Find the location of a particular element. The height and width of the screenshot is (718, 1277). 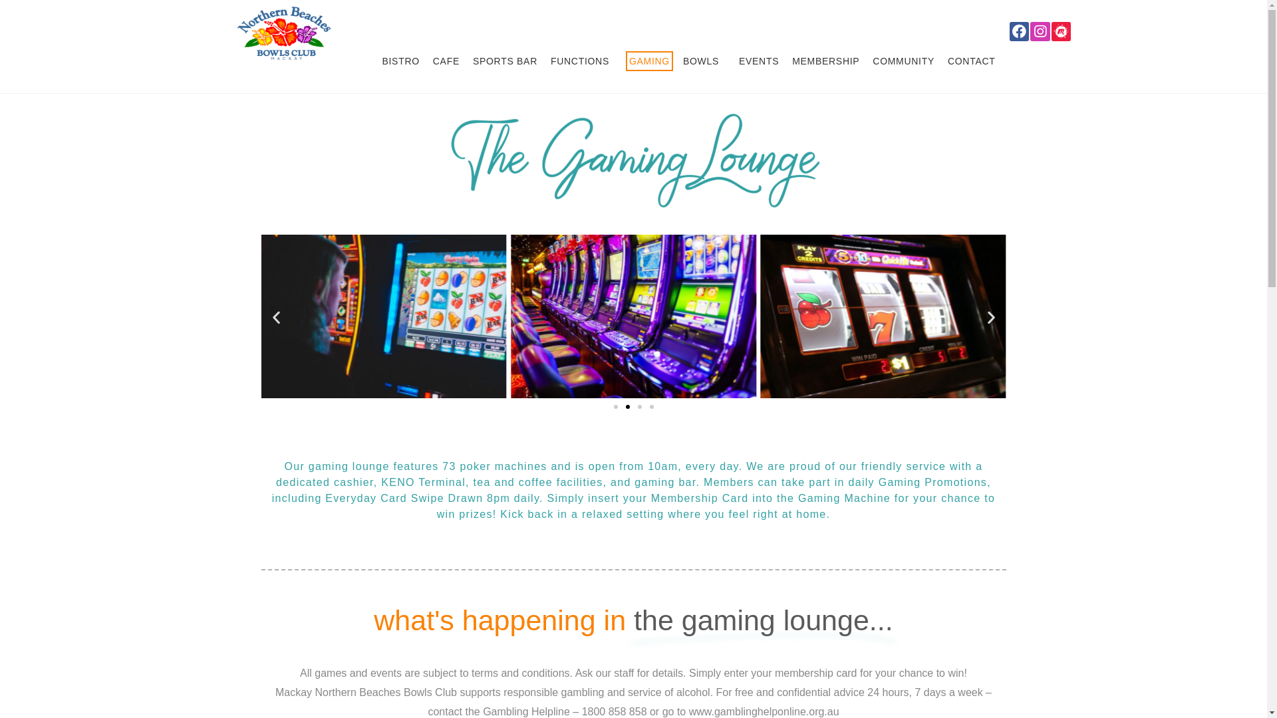

'SPORTS BAR' is located at coordinates (504, 61).